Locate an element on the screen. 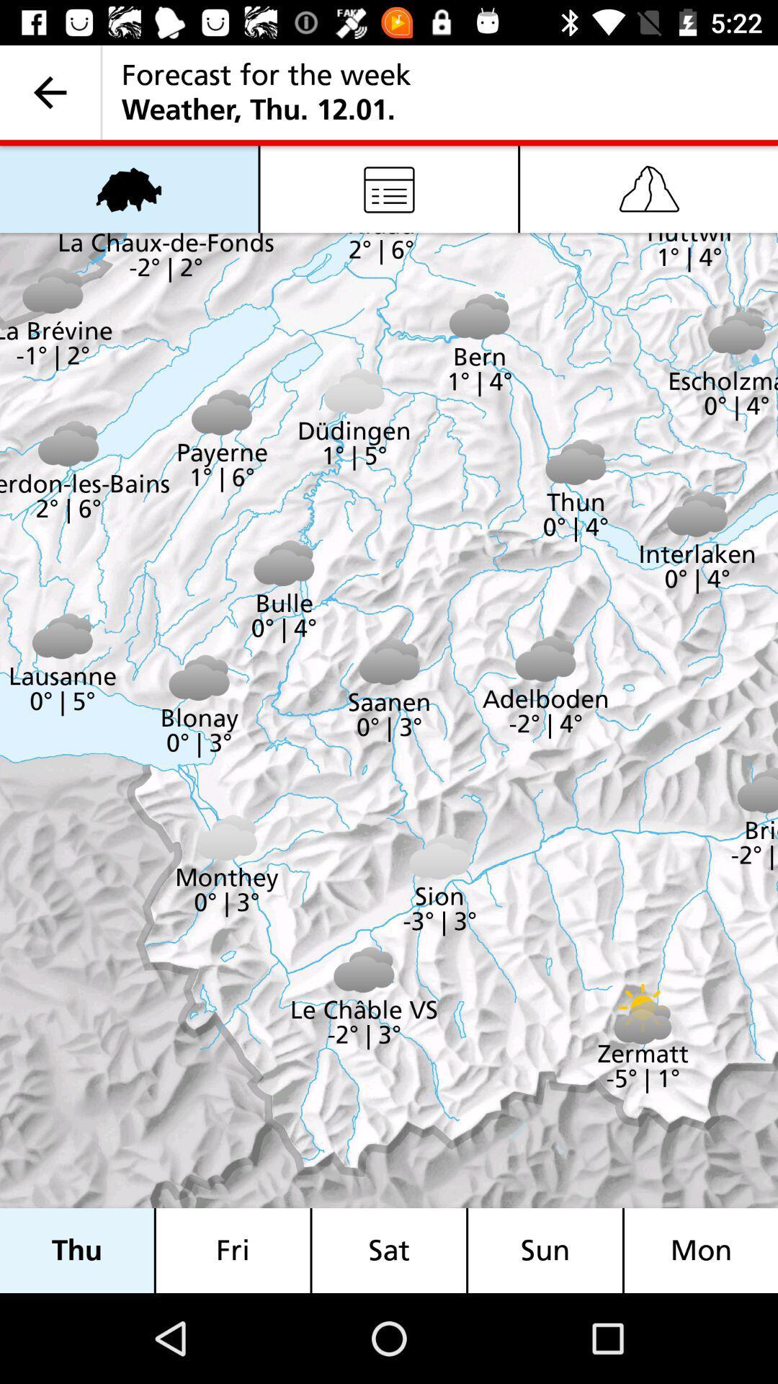 This screenshot has height=1384, width=778. item to the left of the sat icon is located at coordinates (232, 1250).